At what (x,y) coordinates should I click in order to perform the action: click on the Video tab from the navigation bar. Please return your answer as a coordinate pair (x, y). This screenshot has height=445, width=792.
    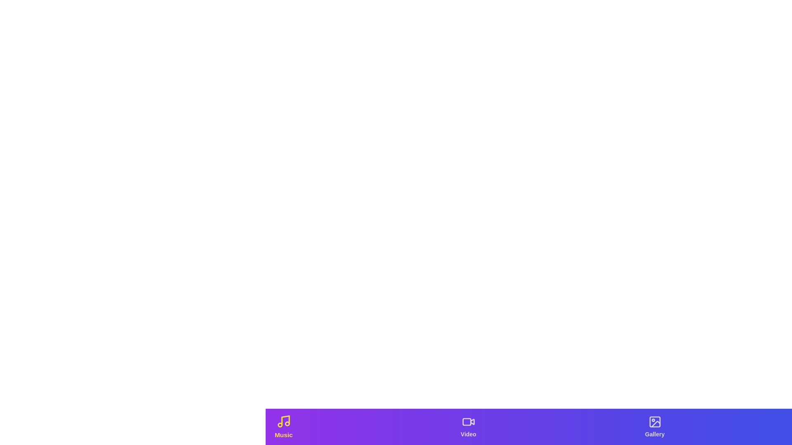
    Looking at the image, I should click on (468, 426).